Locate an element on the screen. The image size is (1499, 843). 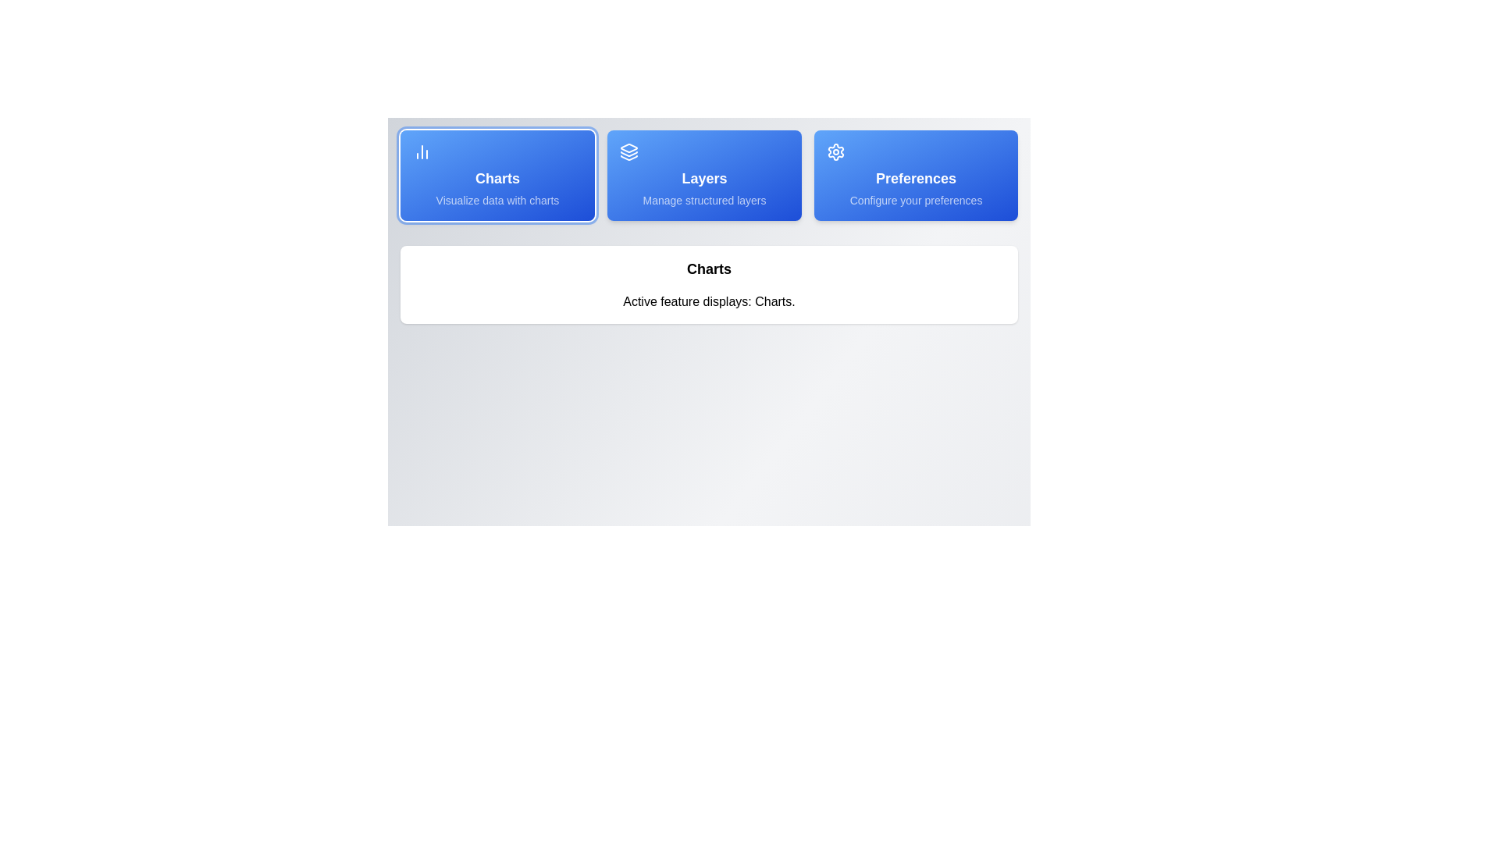
the vertical bar chart icon located on the left side of the blue rectangular button labeled 'Charts' is located at coordinates (422, 152).